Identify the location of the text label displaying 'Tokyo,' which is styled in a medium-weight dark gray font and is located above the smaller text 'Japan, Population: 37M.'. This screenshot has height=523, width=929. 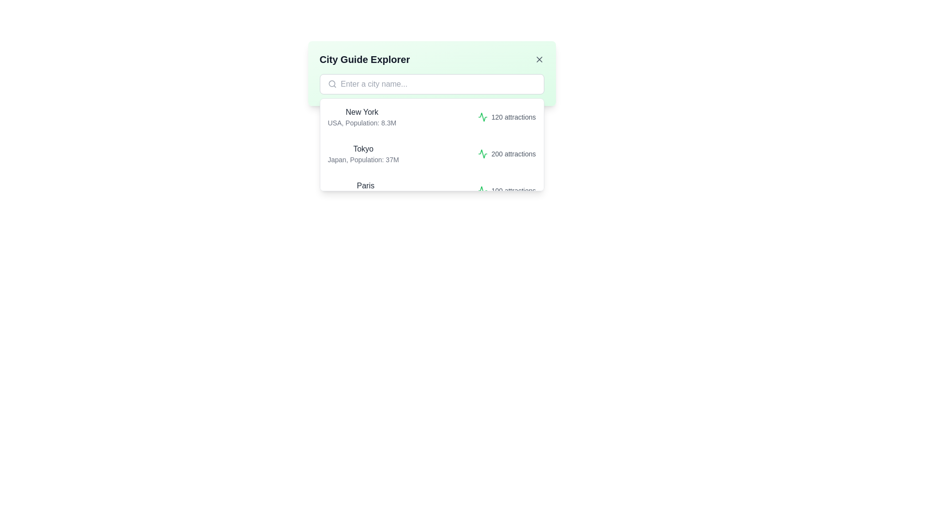
(363, 149).